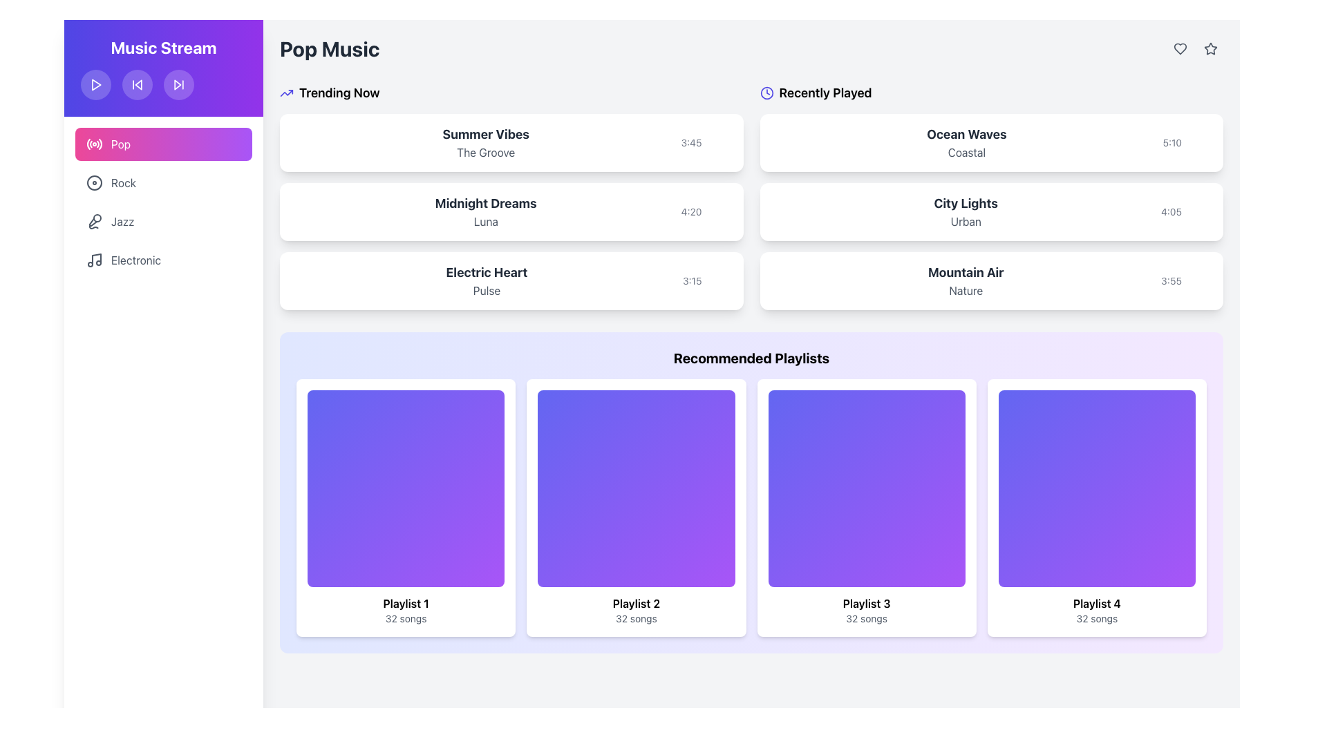 This screenshot has width=1327, height=746. Describe the element at coordinates (486, 152) in the screenshot. I see `the static text label reading 'The Groove', which is styled in gray and positioned below the 'Summer Vibes' title in the 'Trending Now' panel` at that location.